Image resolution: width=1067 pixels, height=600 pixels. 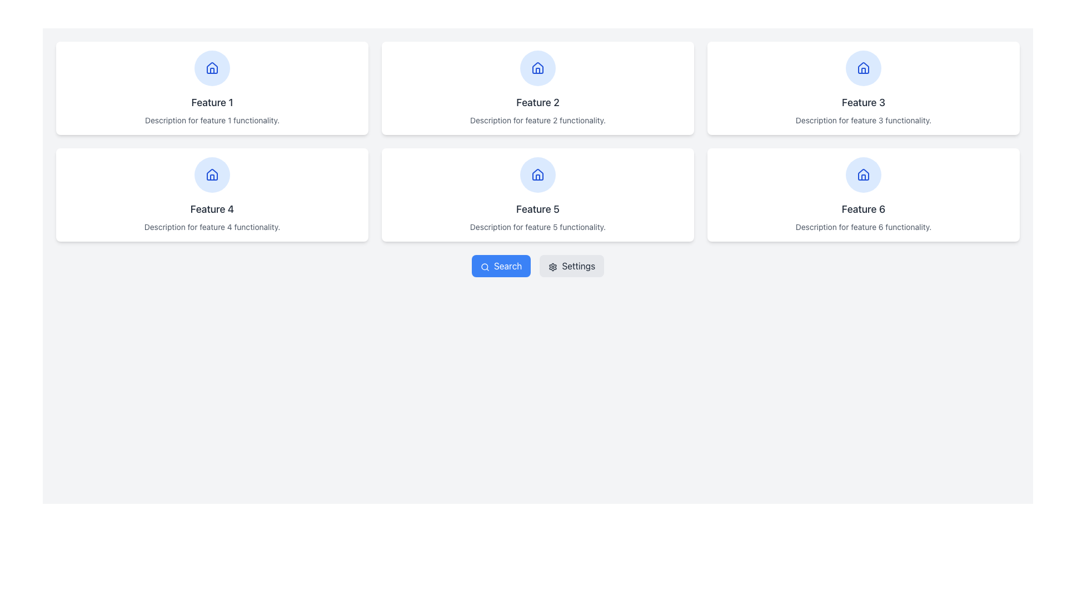 I want to click on the title text element that summarizes the card's content, located at the center of the second card in the top row of a 3x2 grid layout, so click(x=538, y=103).